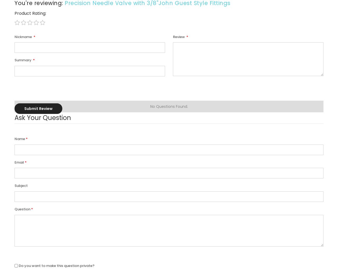 The width and height of the screenshot is (338, 273). What do you see at coordinates (43, 118) in the screenshot?
I see `'Ask Your Question'` at bounding box center [43, 118].